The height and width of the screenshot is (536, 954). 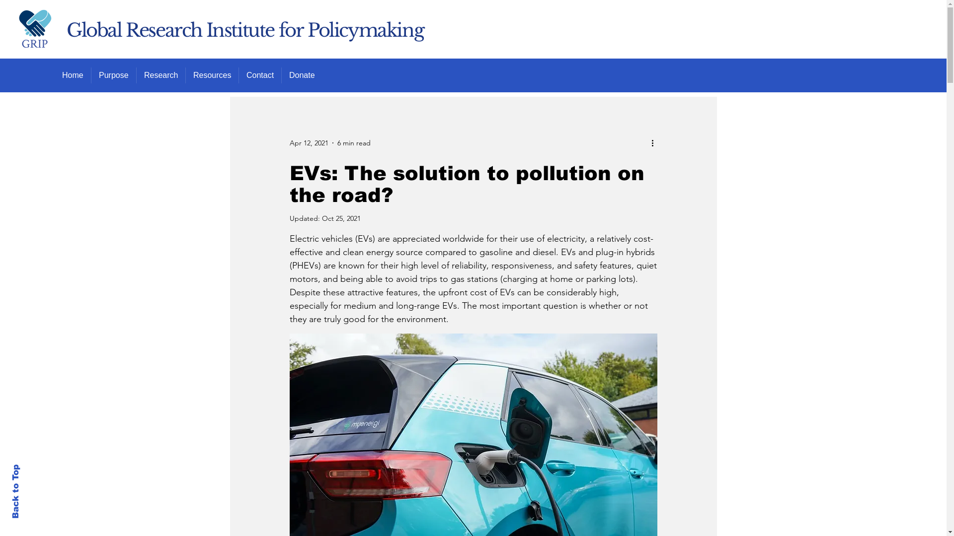 What do you see at coordinates (211, 74) in the screenshot?
I see `'Resources'` at bounding box center [211, 74].